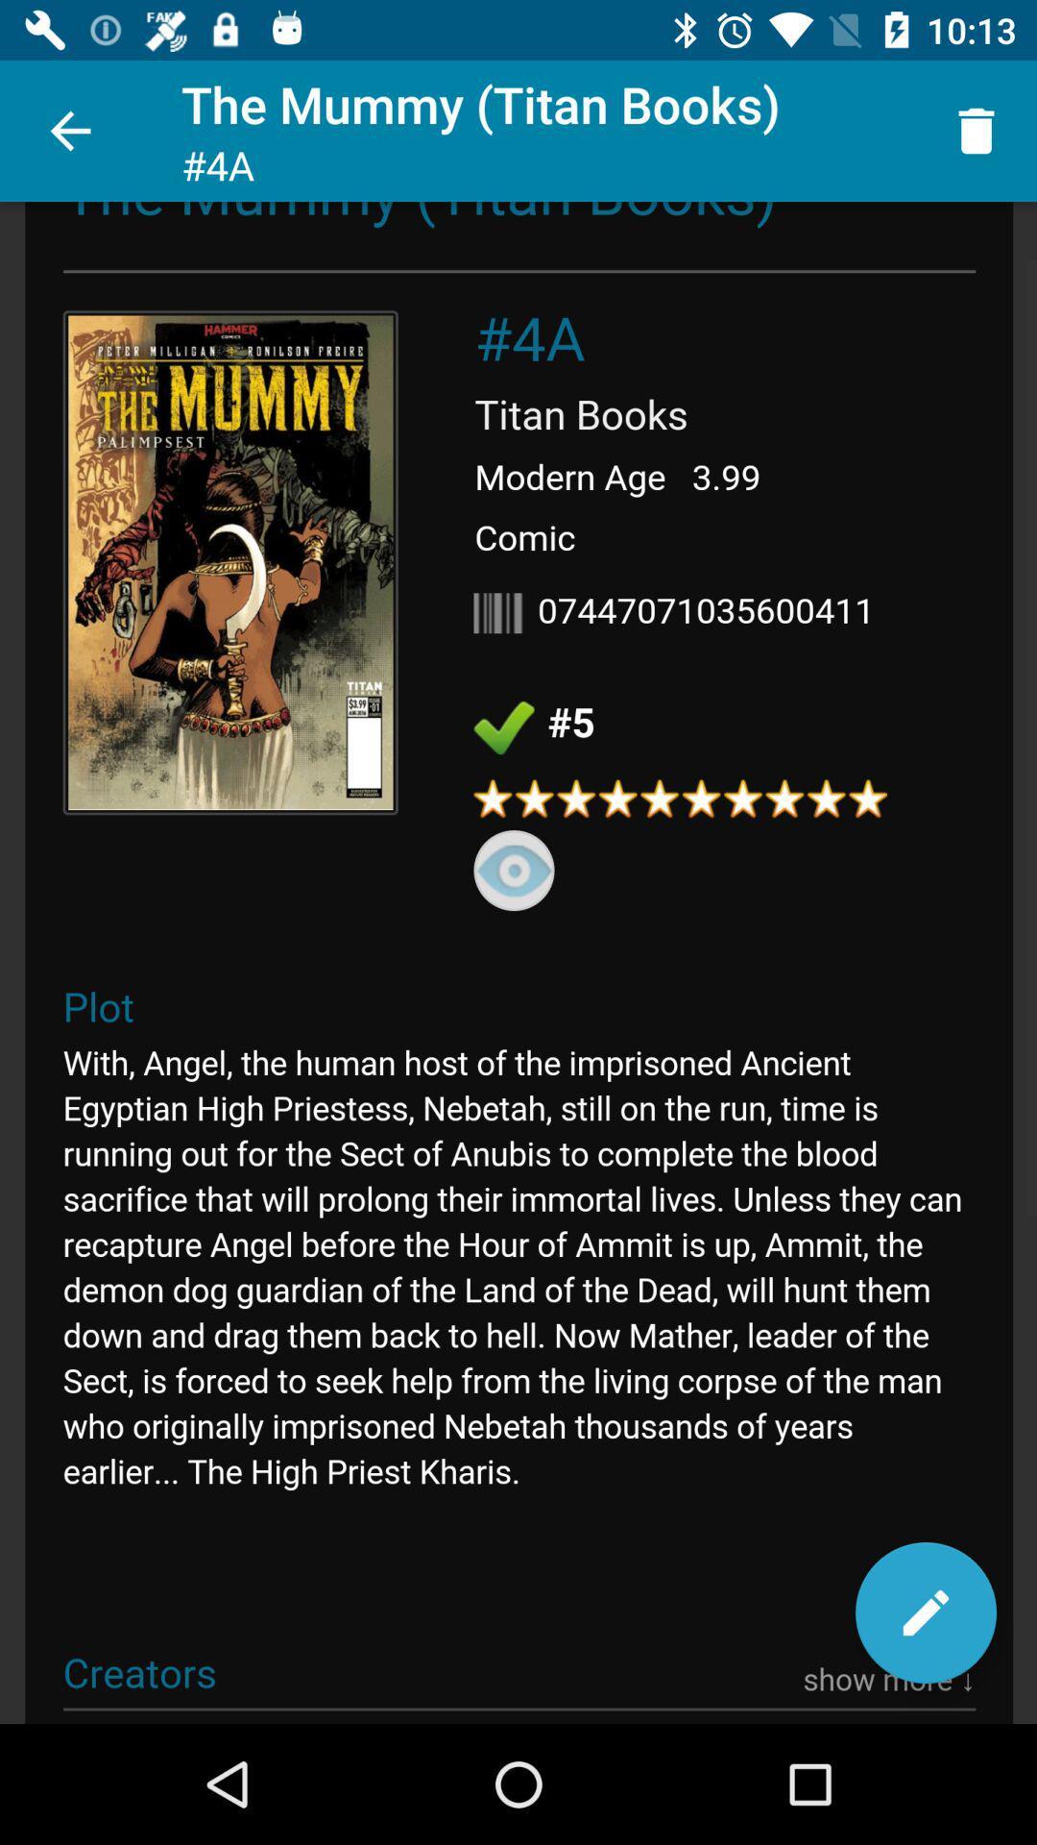 This screenshot has width=1037, height=1845. I want to click on icon to the right of the mummy titan, so click(977, 130).